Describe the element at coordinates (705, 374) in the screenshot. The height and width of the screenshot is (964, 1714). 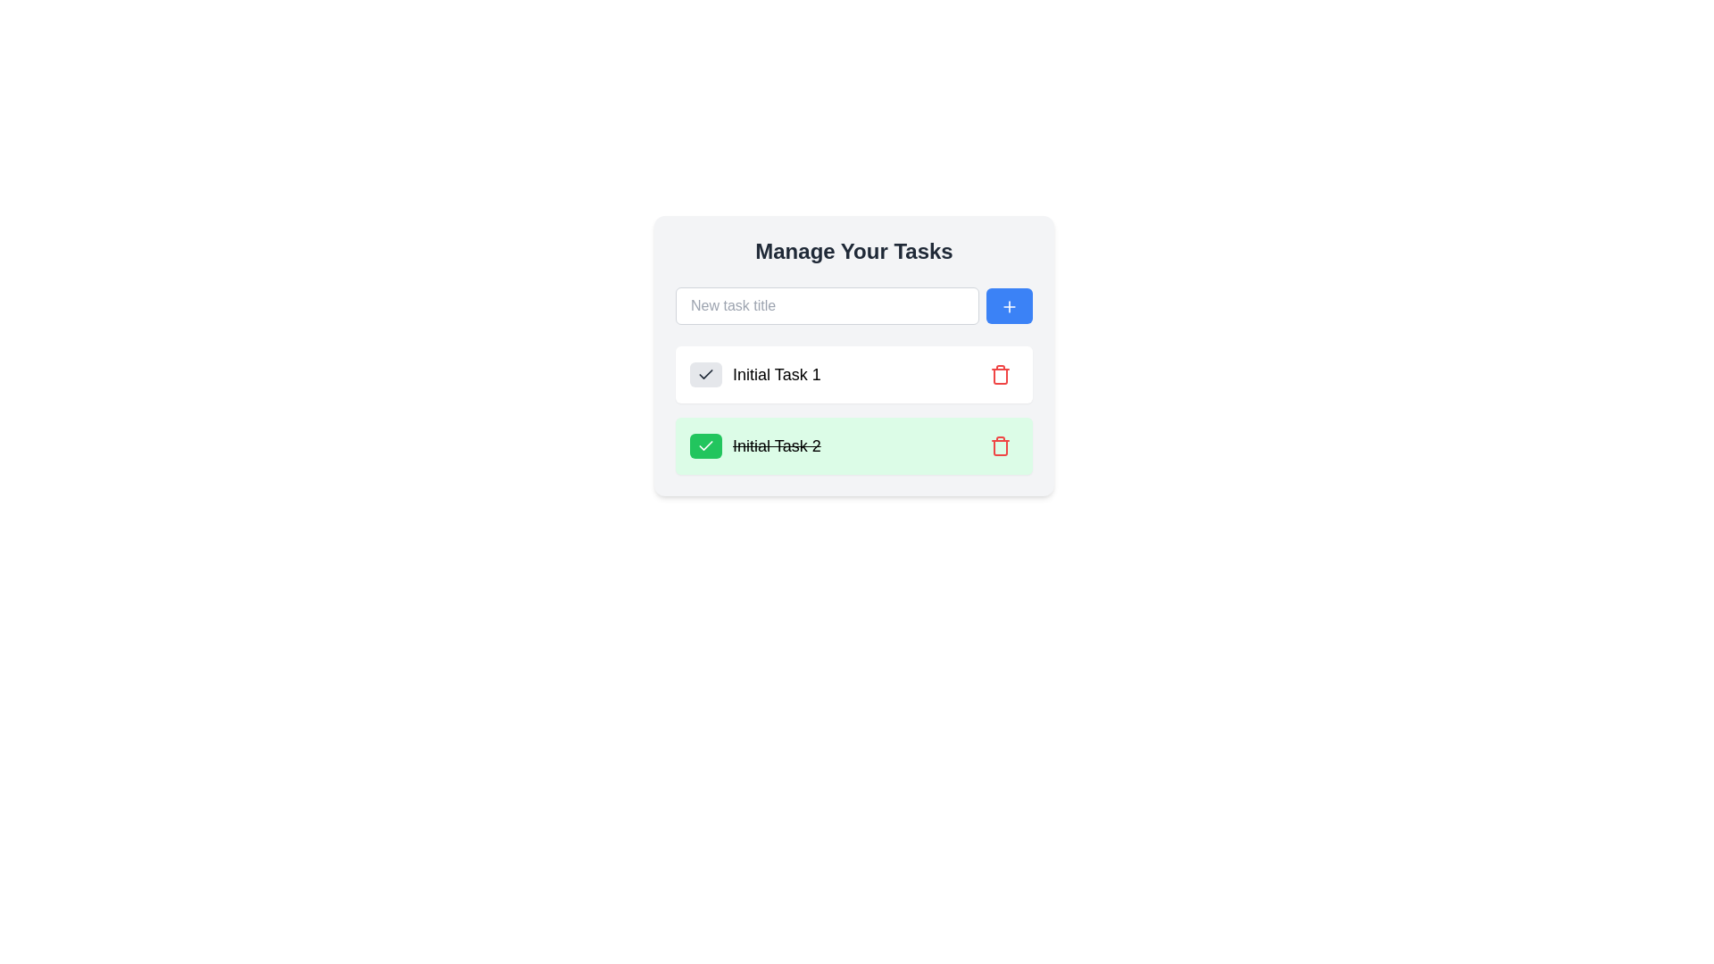
I see `the checkbox styled as a button, which is a small rounded rectangle with a light gray background and a centered black checkmark icon` at that location.